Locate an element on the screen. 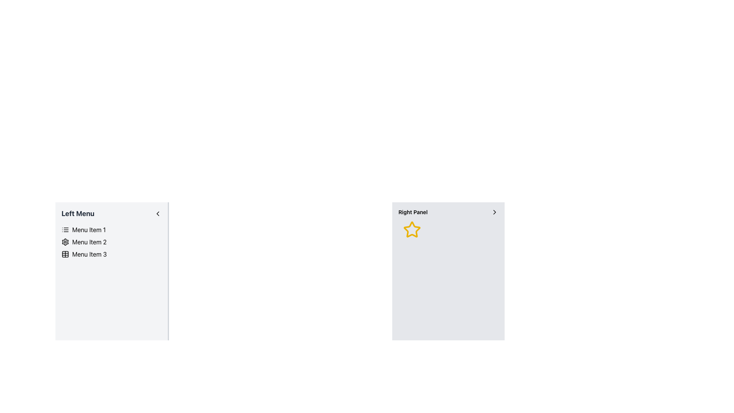  the square-shaped icon resembling a table grid located to the left of the text label 'Menu Item 3' in the 'Left Menu' section is located at coordinates (65, 254).